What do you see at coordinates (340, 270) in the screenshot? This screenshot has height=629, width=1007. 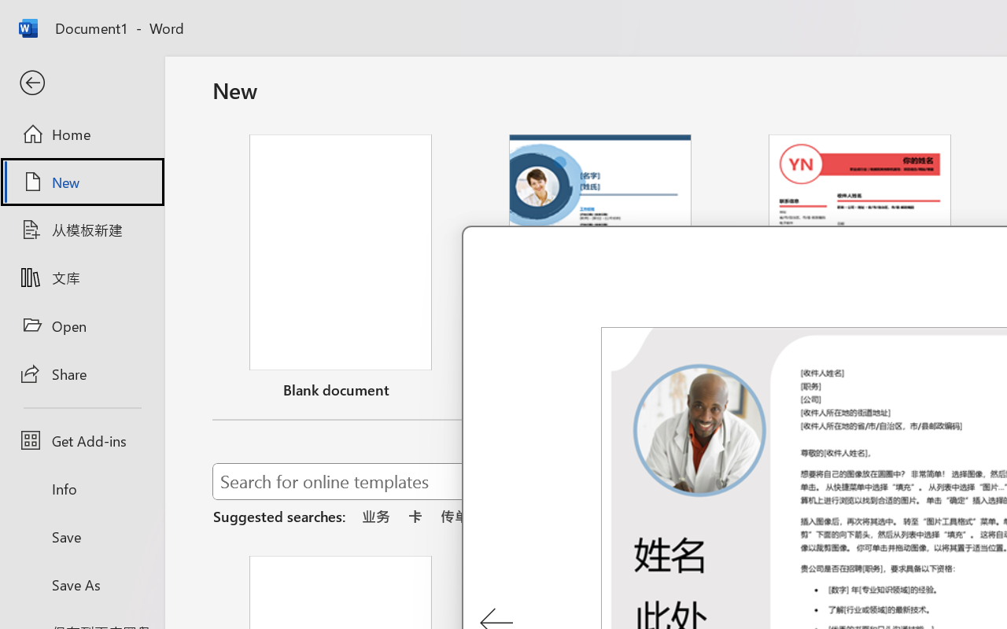 I see `'Blank document'` at bounding box center [340, 270].